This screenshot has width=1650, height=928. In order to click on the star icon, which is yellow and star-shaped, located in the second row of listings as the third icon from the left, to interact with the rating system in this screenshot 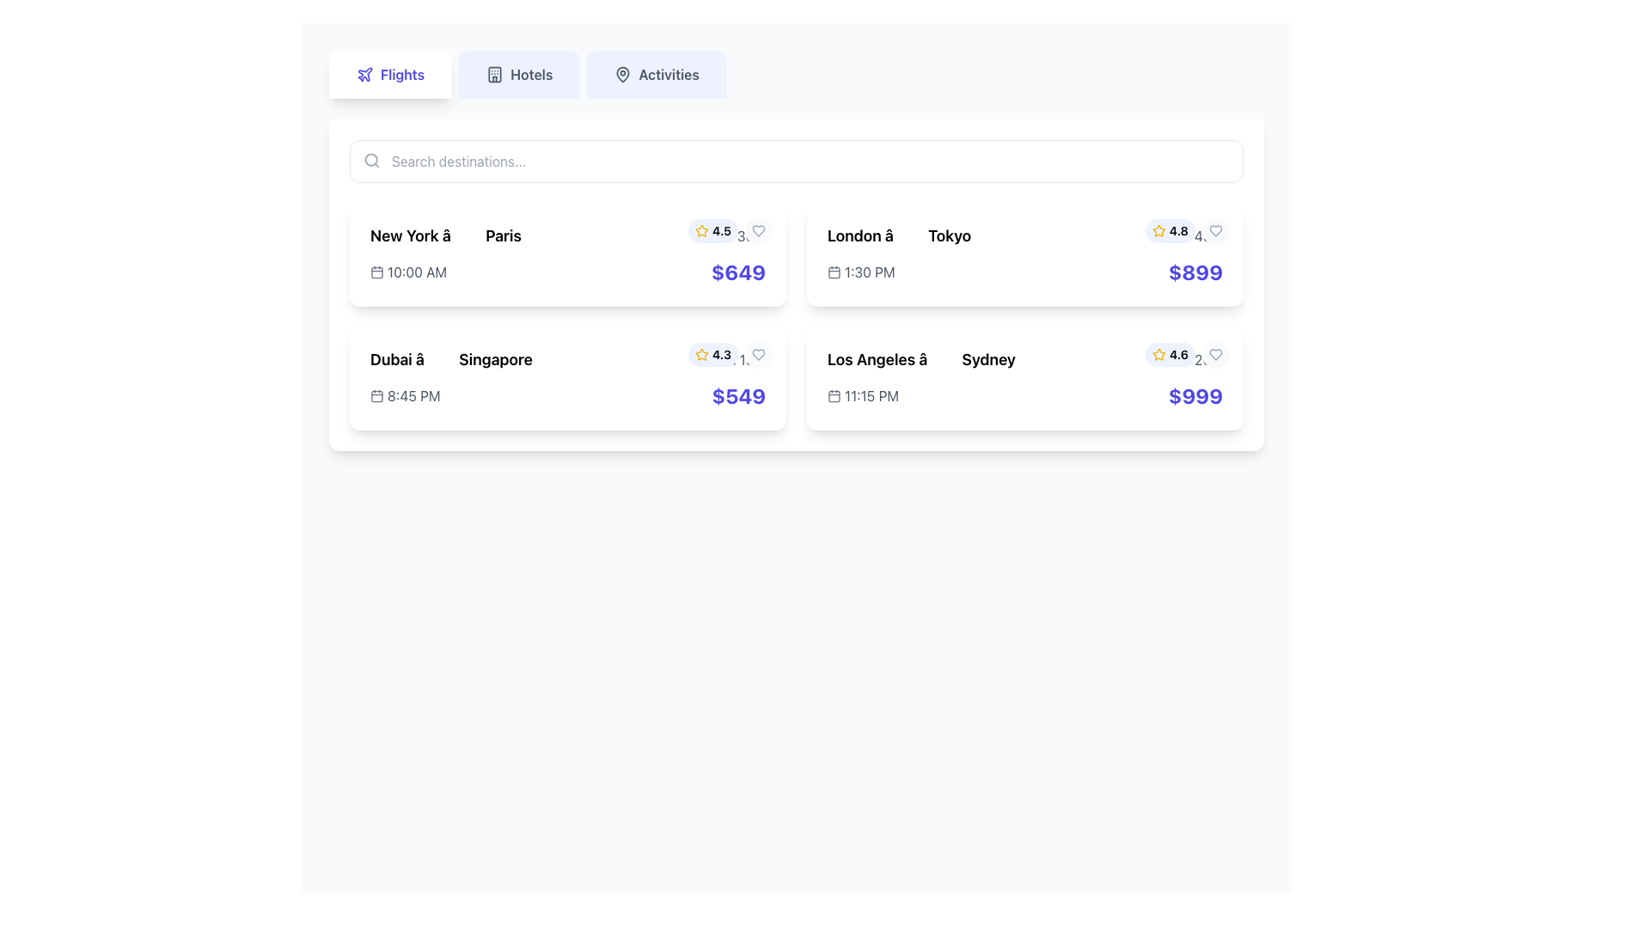, I will do `click(1158, 229)`.